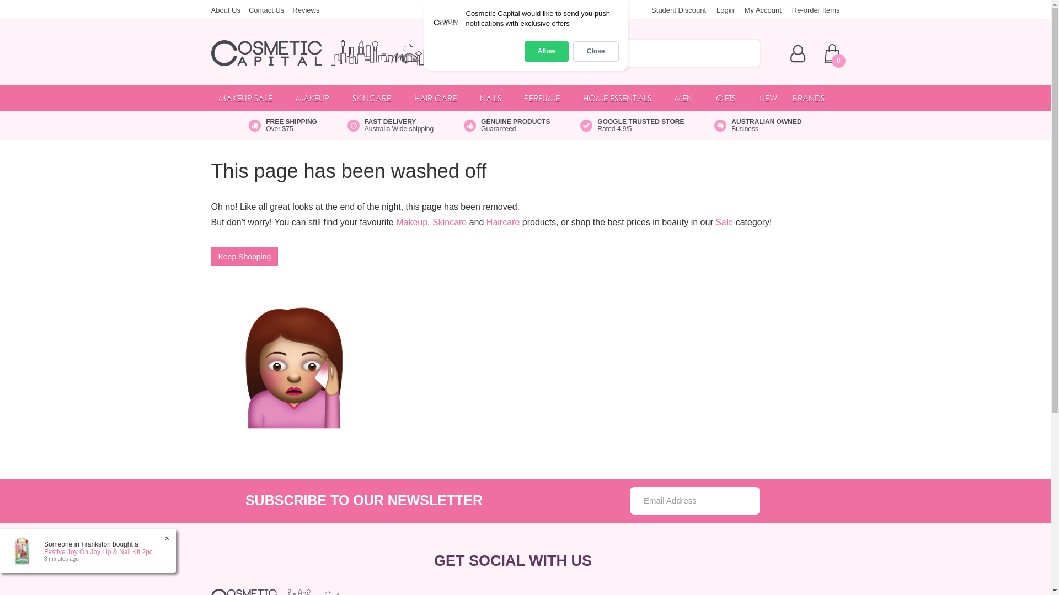  What do you see at coordinates (376, 97) in the screenshot?
I see `'SKINCARE'` at bounding box center [376, 97].